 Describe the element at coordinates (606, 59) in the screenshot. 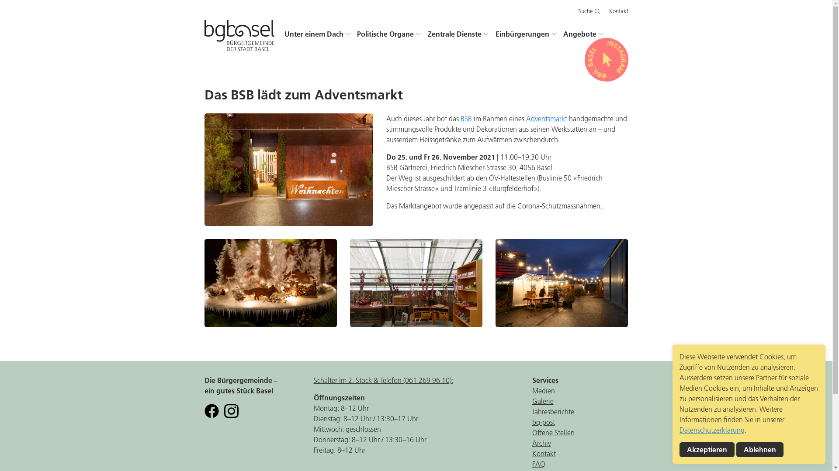

I see `' INSTAGRAM     @BG_BASEL '` at that location.